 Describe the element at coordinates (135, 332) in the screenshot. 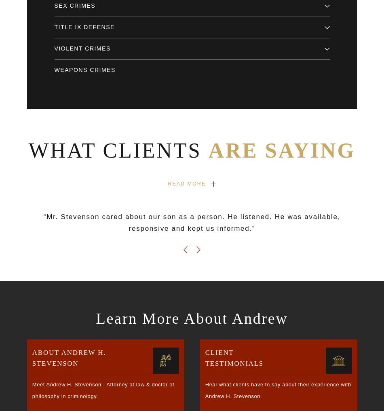

I see `'The information on this website is for general information purposes only. Nothing on this site should be taken as legal advice for any individual case or situation.'` at that location.